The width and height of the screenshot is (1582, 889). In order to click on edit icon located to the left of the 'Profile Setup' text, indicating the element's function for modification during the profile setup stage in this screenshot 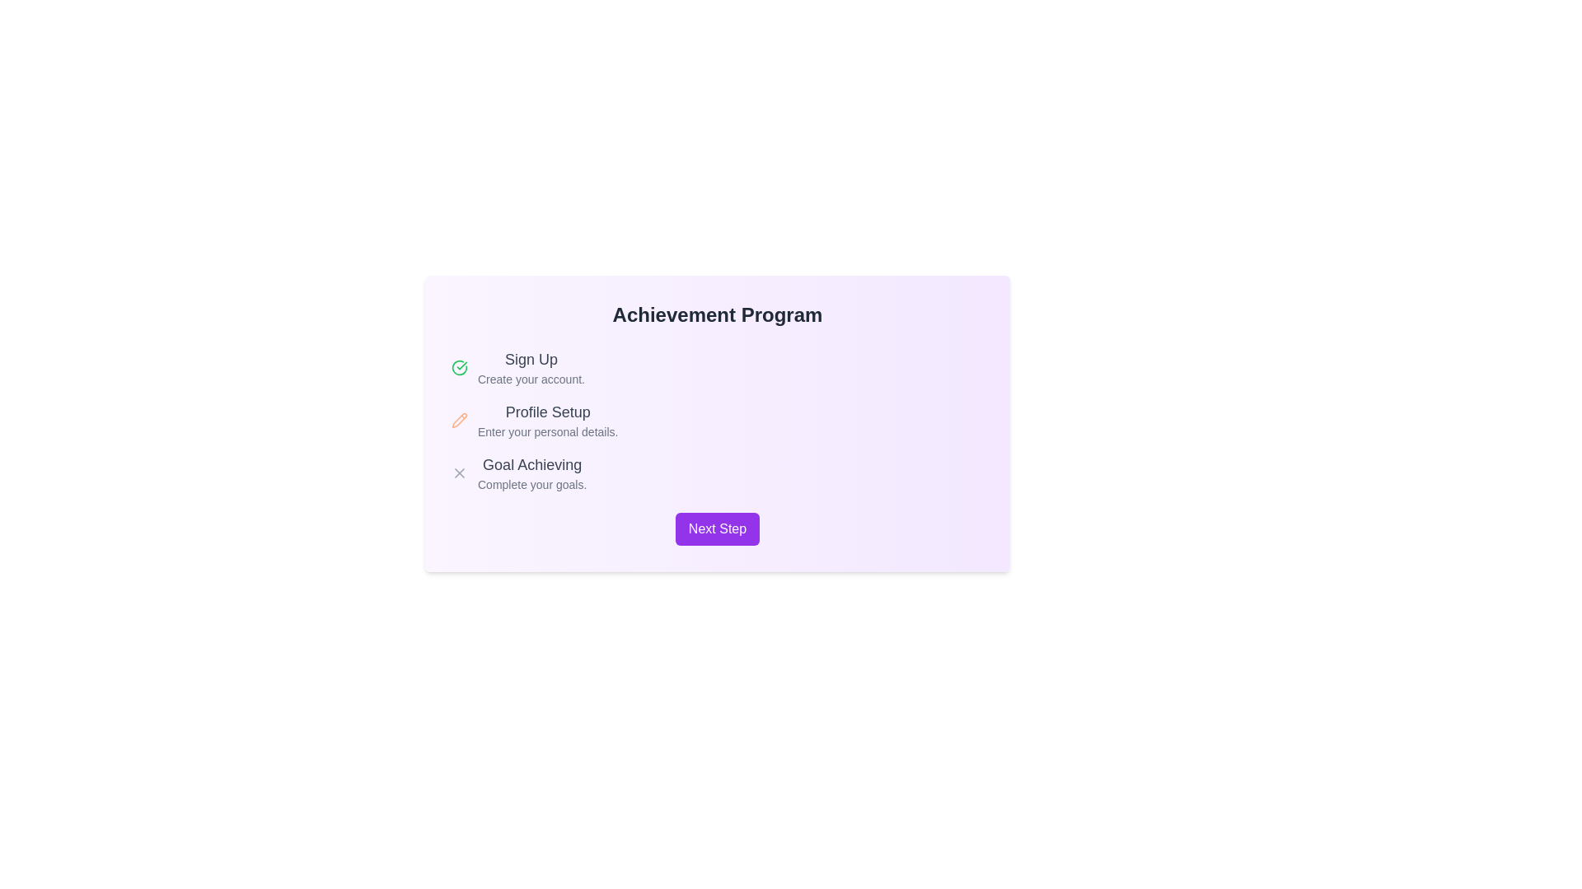, I will do `click(459, 418)`.